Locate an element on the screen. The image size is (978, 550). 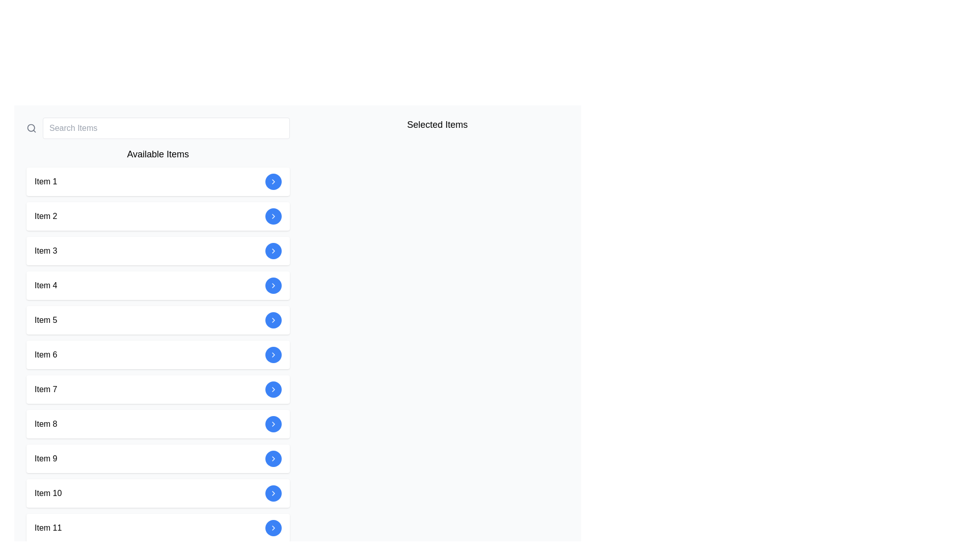
the magnifying glass icon to focus on the related input box labeled 'Search Items' is located at coordinates (31, 127).